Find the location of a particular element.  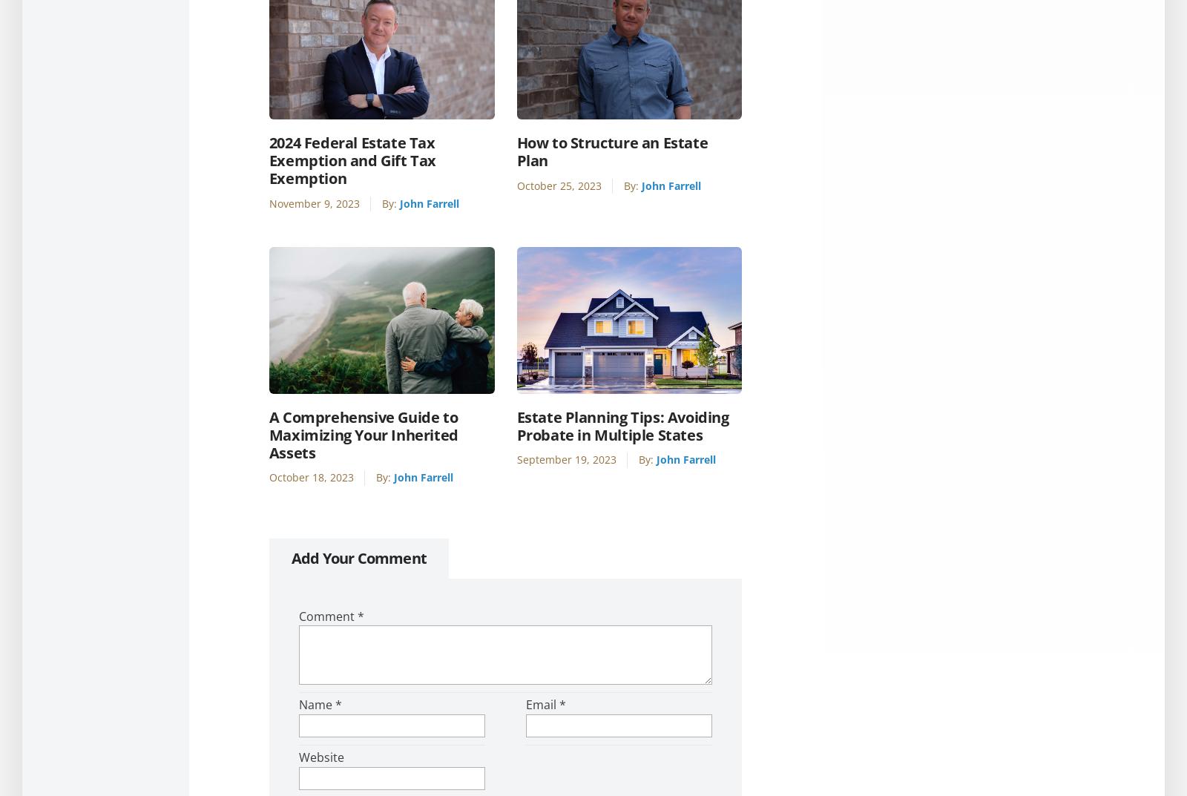

'Name' is located at coordinates (315, 705).